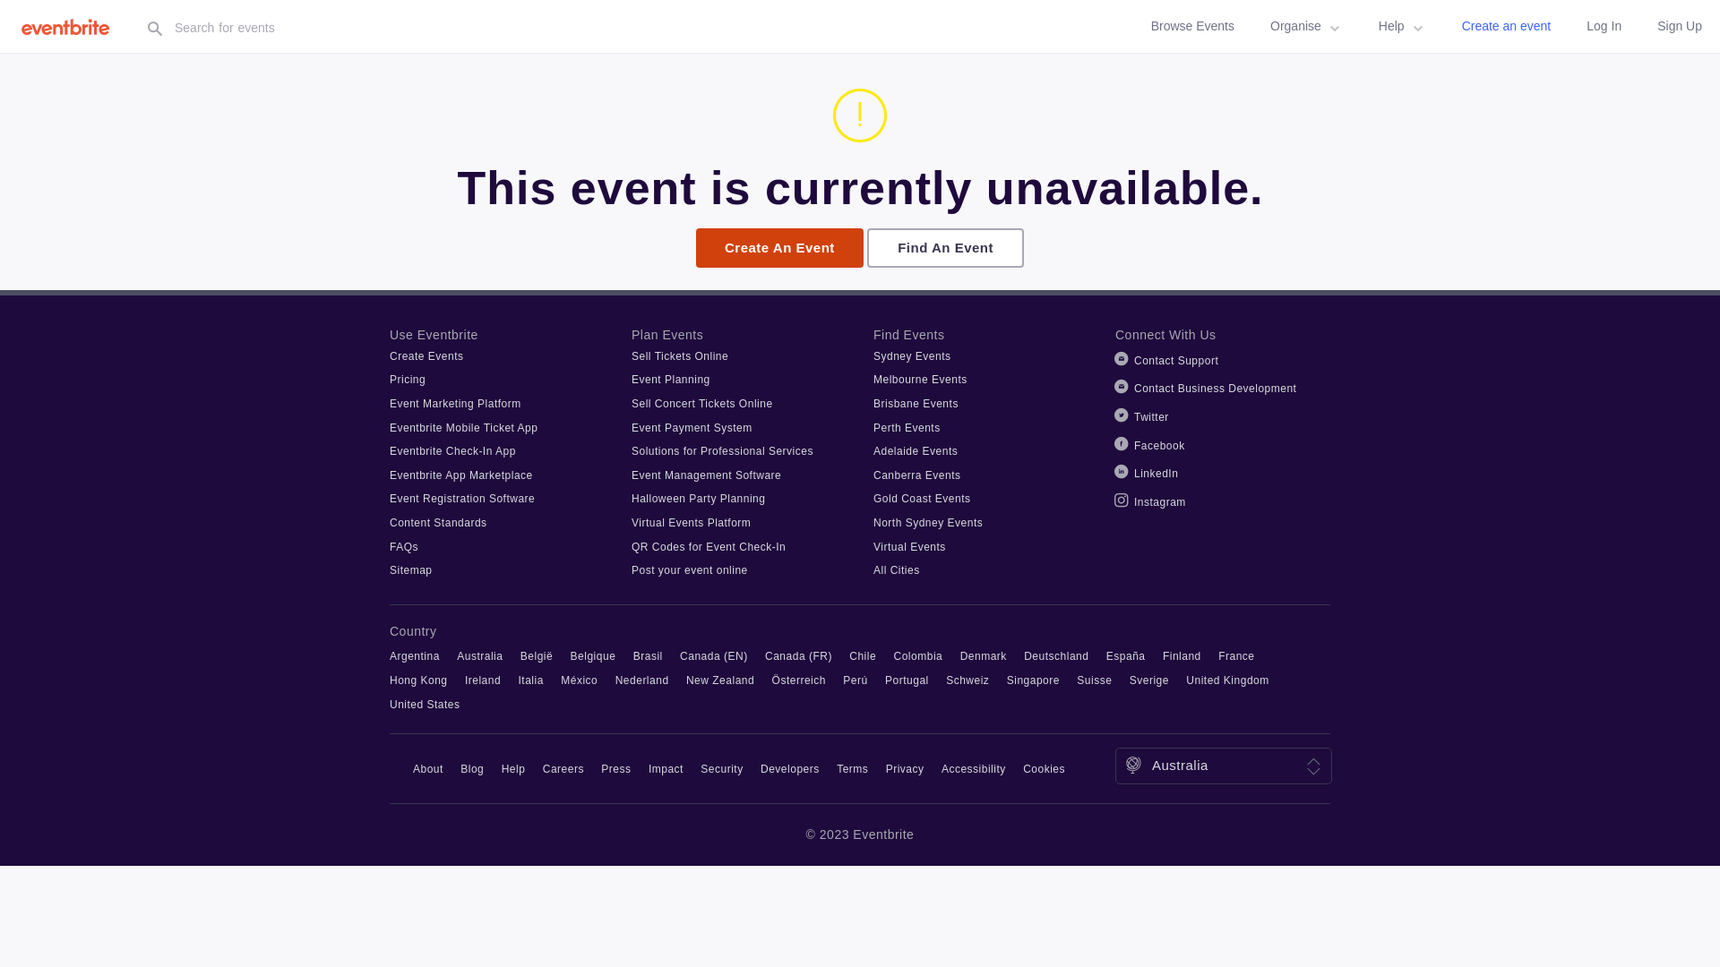 The width and height of the screenshot is (1720, 967). What do you see at coordinates (1505, 26) in the screenshot?
I see `'Create an event'` at bounding box center [1505, 26].